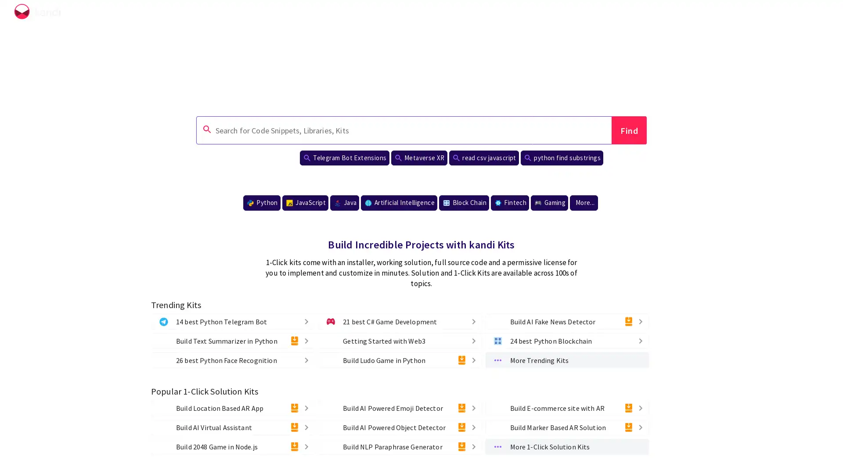 The image size is (843, 474). I want to click on delete, so click(306, 360).